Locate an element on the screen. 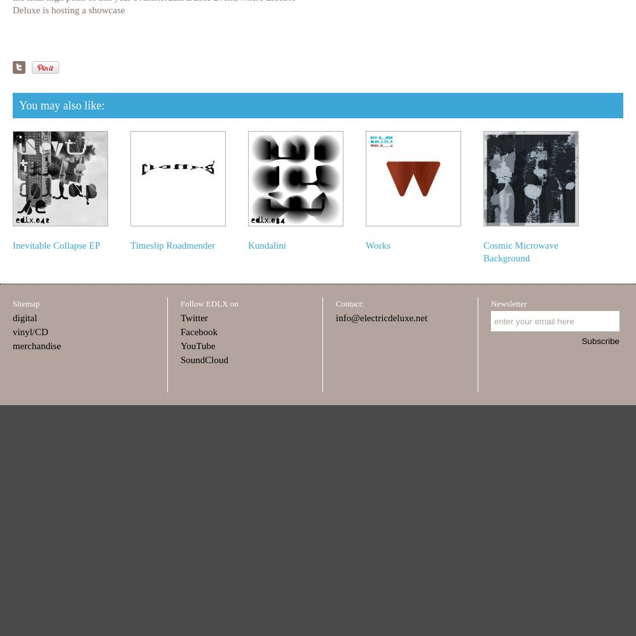 Image resolution: width=636 pixels, height=636 pixels. 'digital' is located at coordinates (13, 318).